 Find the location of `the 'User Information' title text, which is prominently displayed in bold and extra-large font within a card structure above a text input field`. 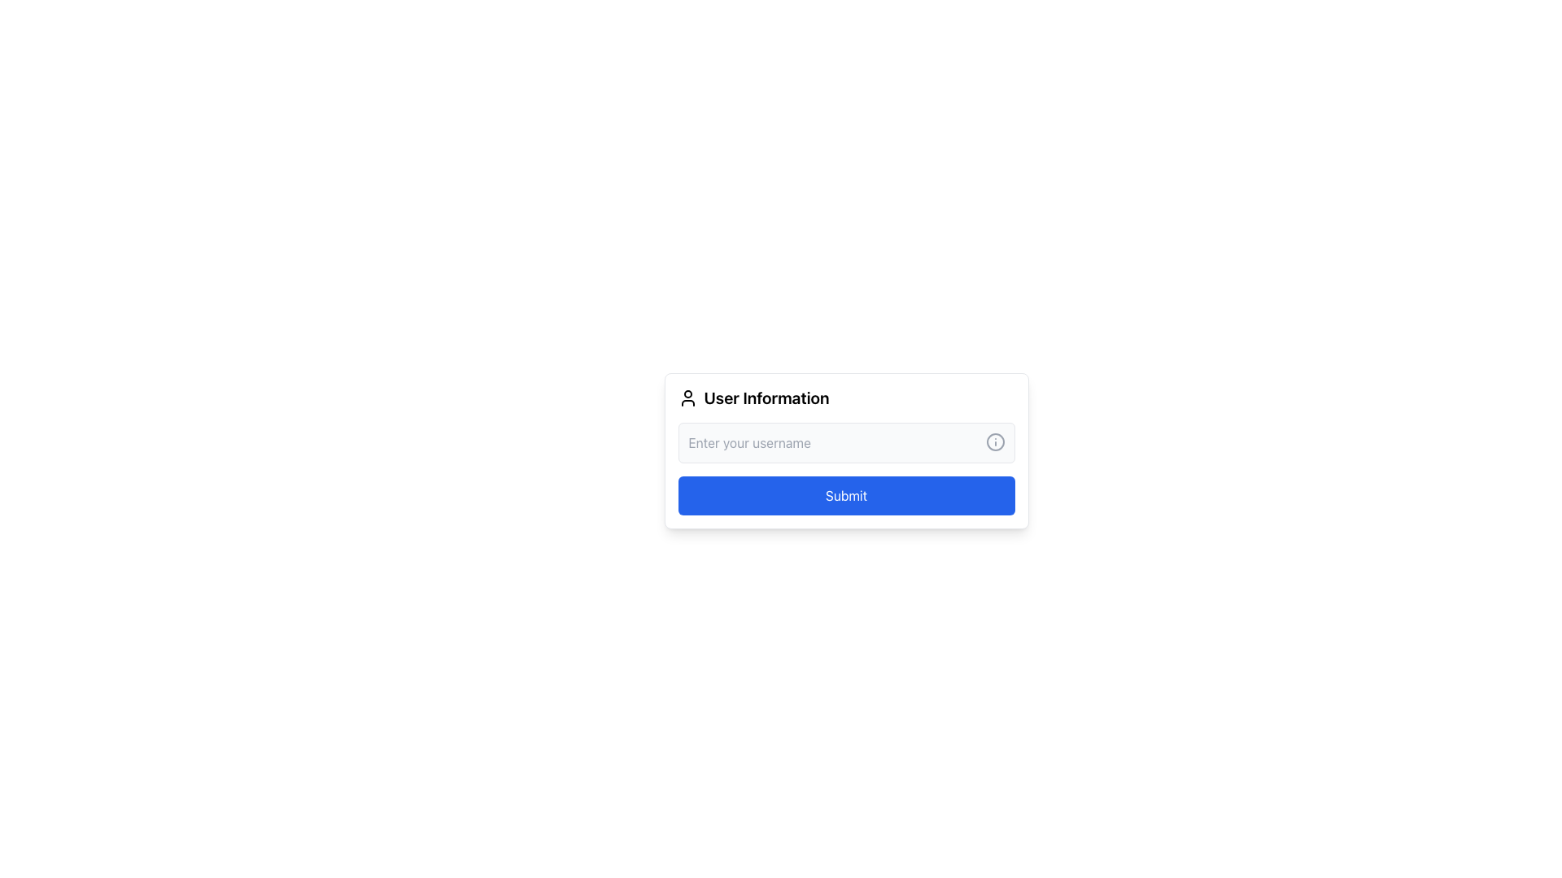

the 'User Information' title text, which is prominently displayed in bold and extra-large font within a card structure above a text input field is located at coordinates (766, 398).